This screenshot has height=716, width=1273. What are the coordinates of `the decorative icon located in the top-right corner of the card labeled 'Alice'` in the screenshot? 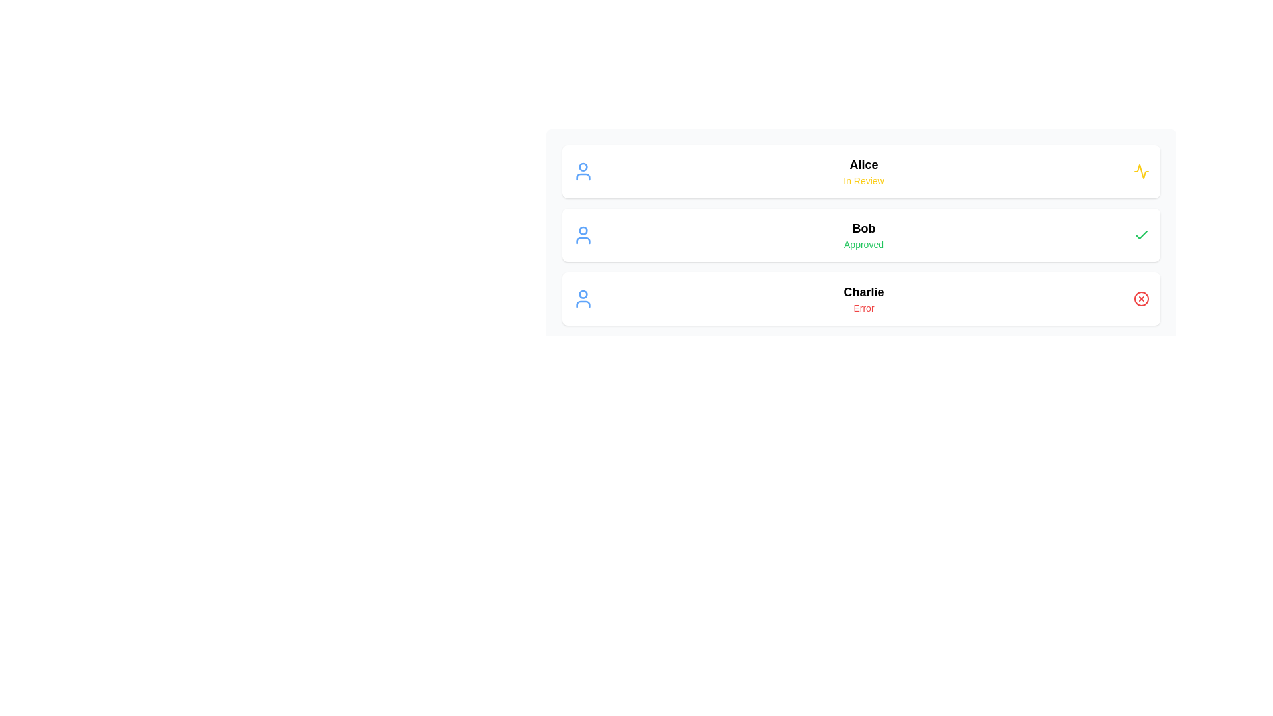 It's located at (1141, 170).